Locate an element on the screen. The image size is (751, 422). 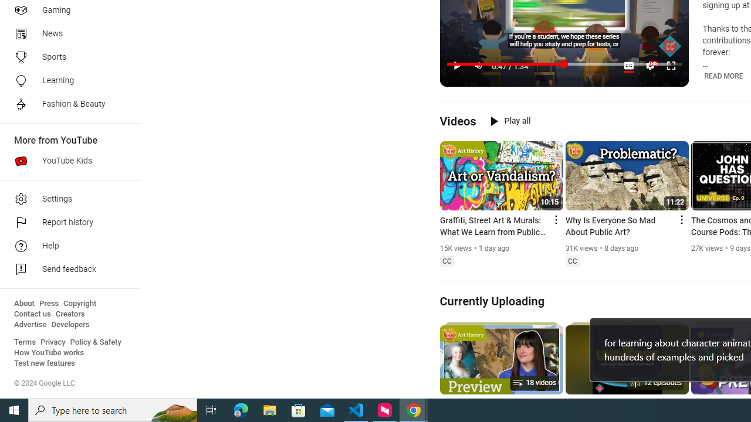
'READ MORE' is located at coordinates (723, 76).